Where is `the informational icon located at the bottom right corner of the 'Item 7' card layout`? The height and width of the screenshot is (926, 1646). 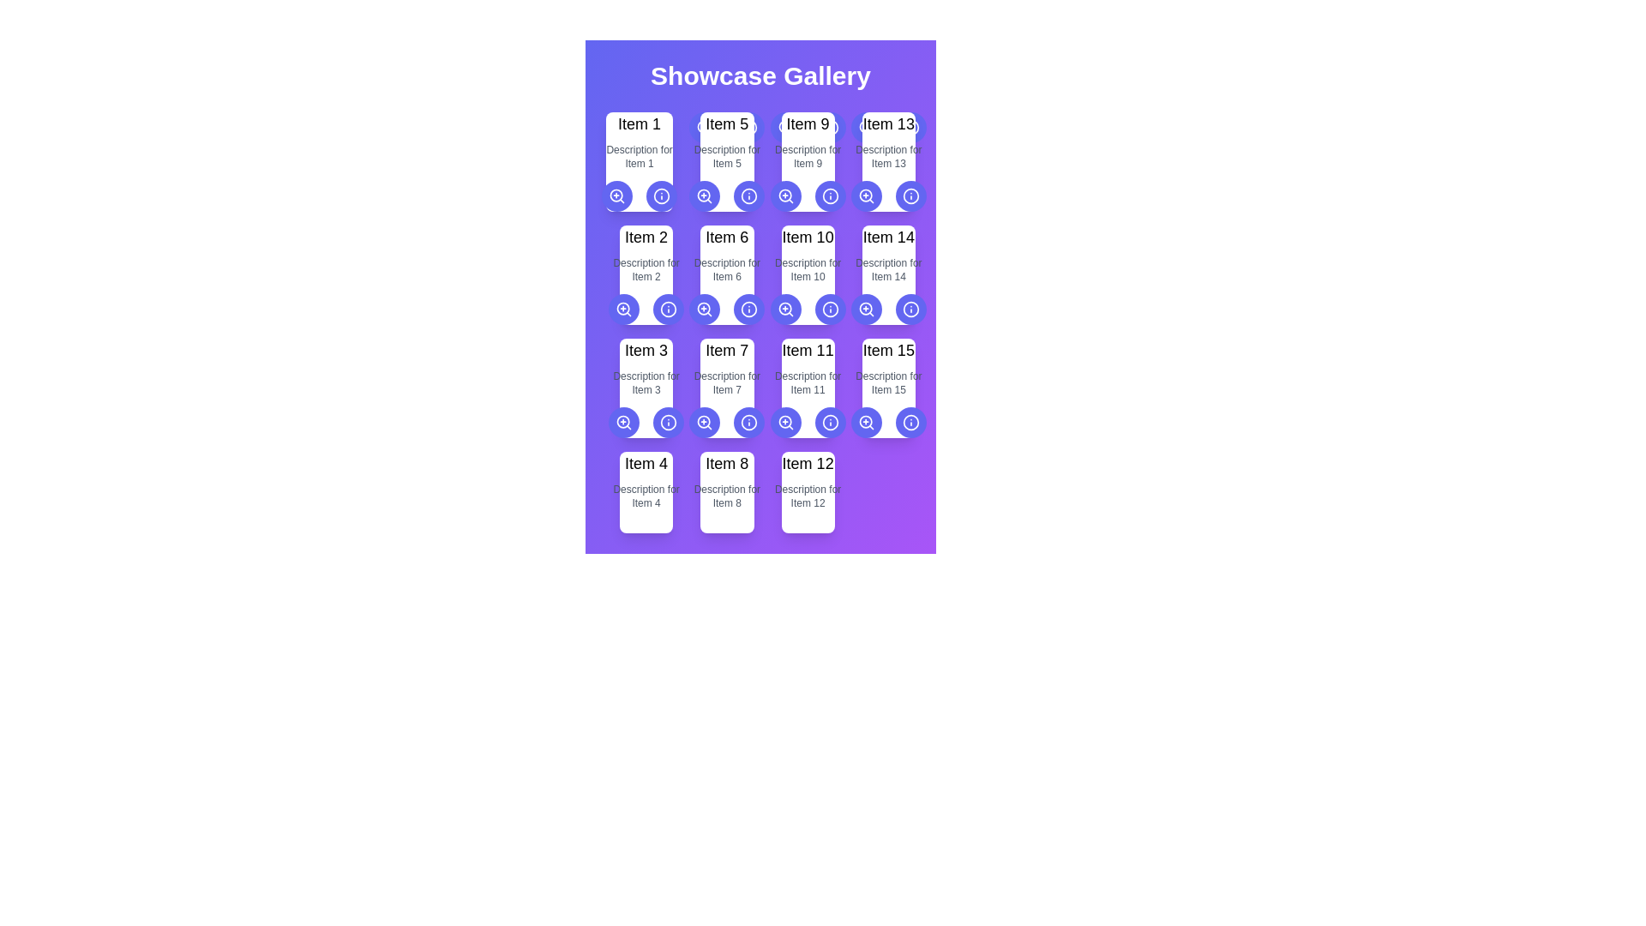 the informational icon located at the bottom right corner of the 'Item 7' card layout is located at coordinates (749, 423).